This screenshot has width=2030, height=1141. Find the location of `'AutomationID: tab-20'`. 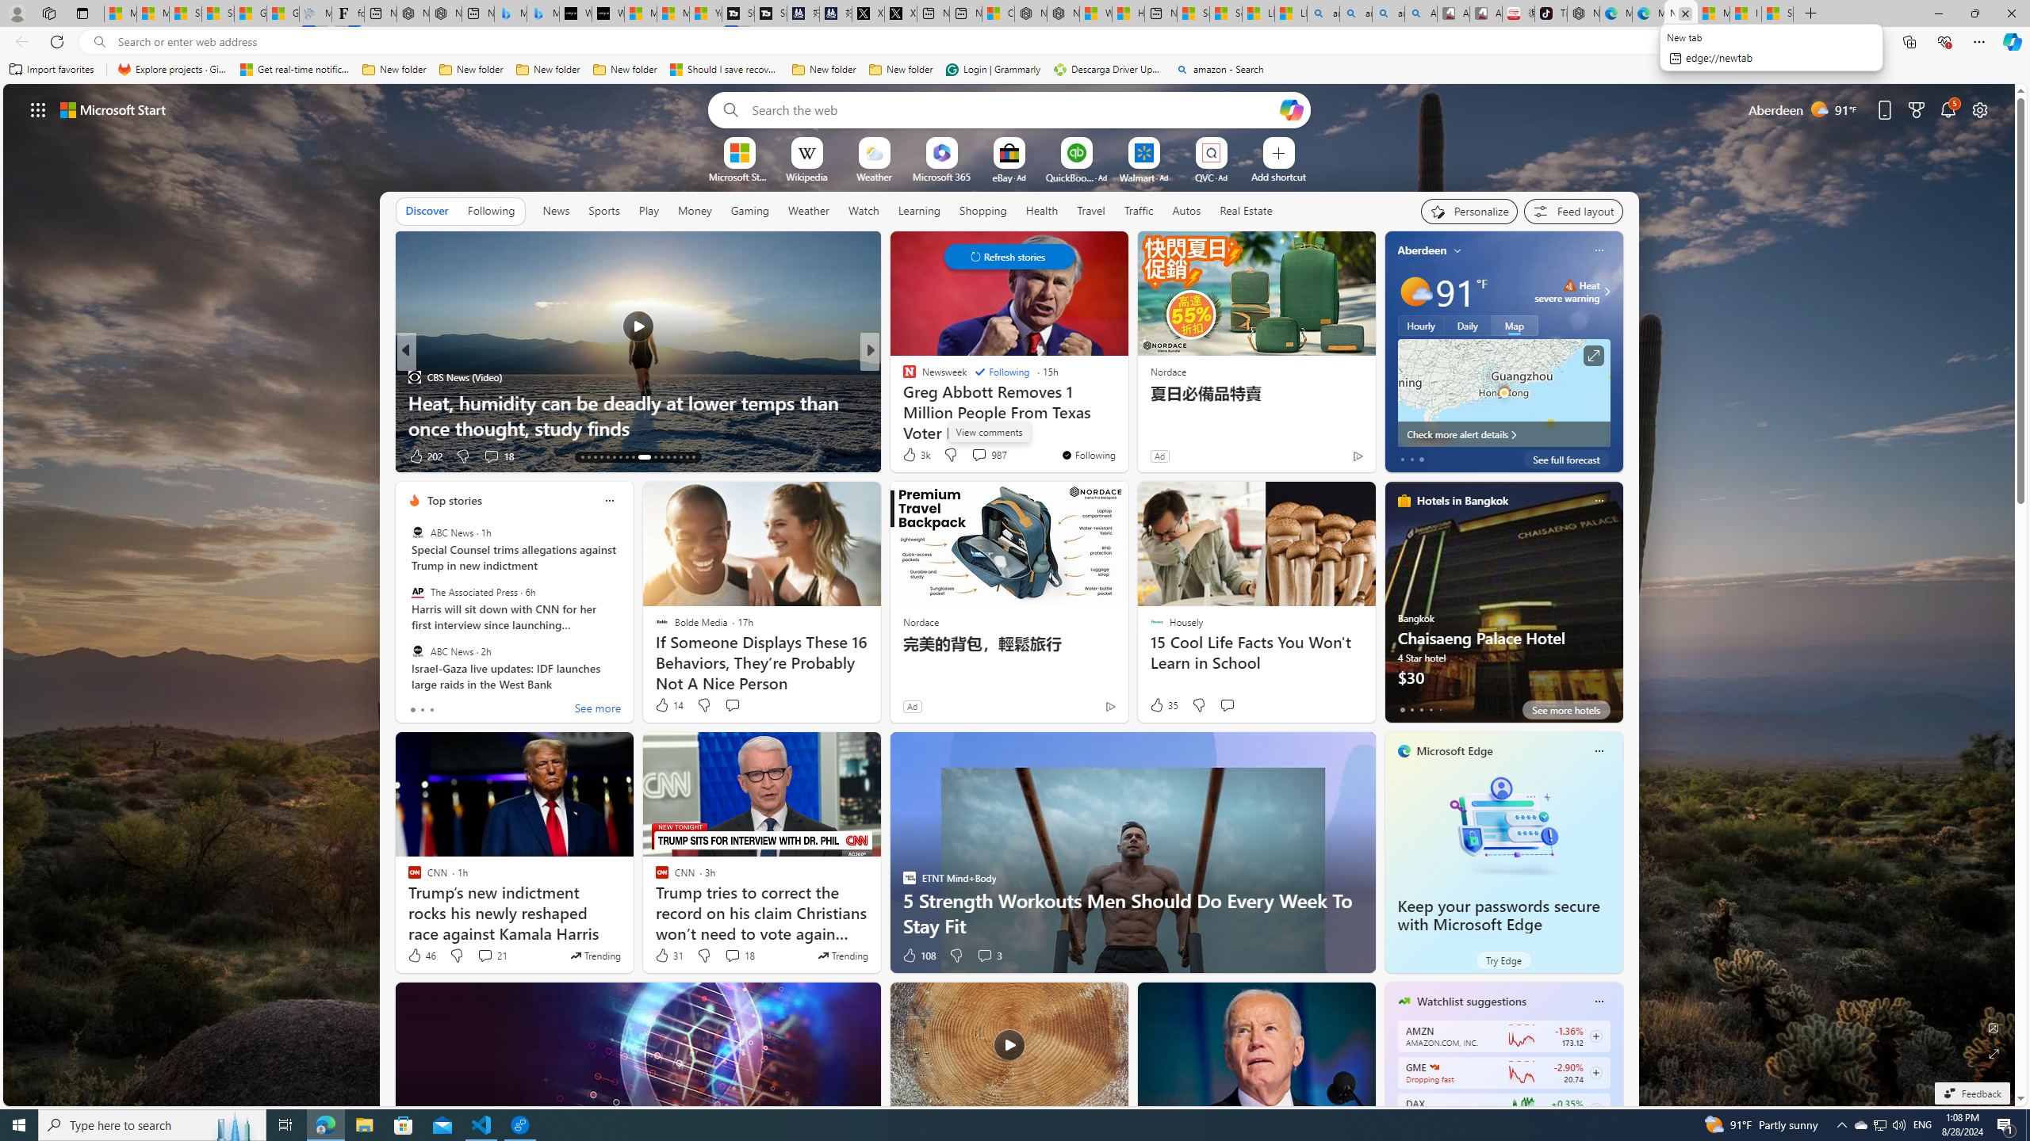

'AutomationID: tab-20' is located at coordinates (626, 457).